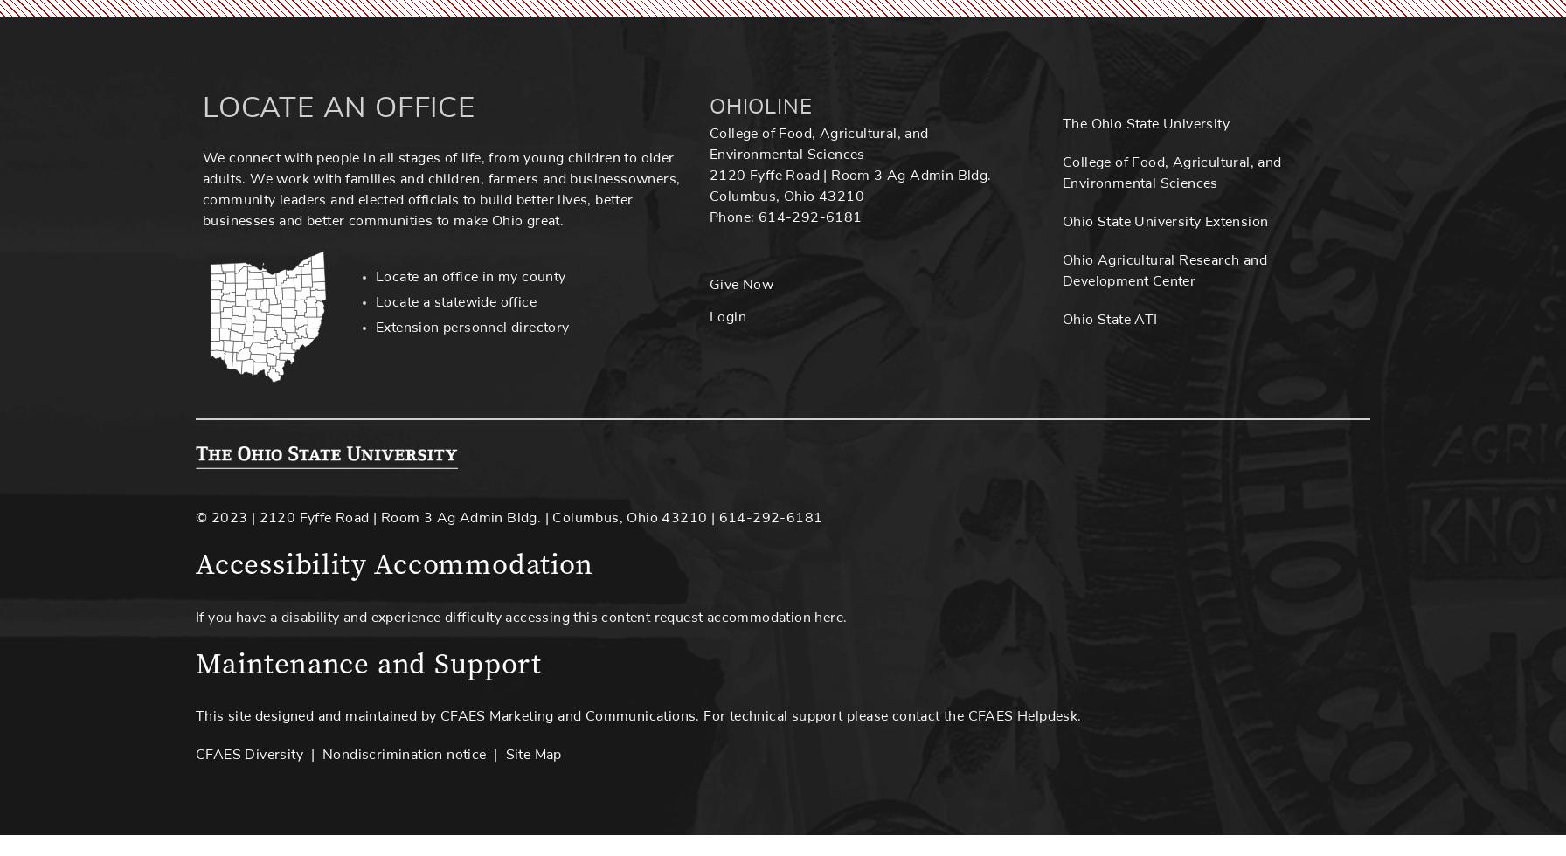 This screenshot has height=856, width=1566. What do you see at coordinates (249, 754) in the screenshot?
I see `'CFAES Diversity'` at bounding box center [249, 754].